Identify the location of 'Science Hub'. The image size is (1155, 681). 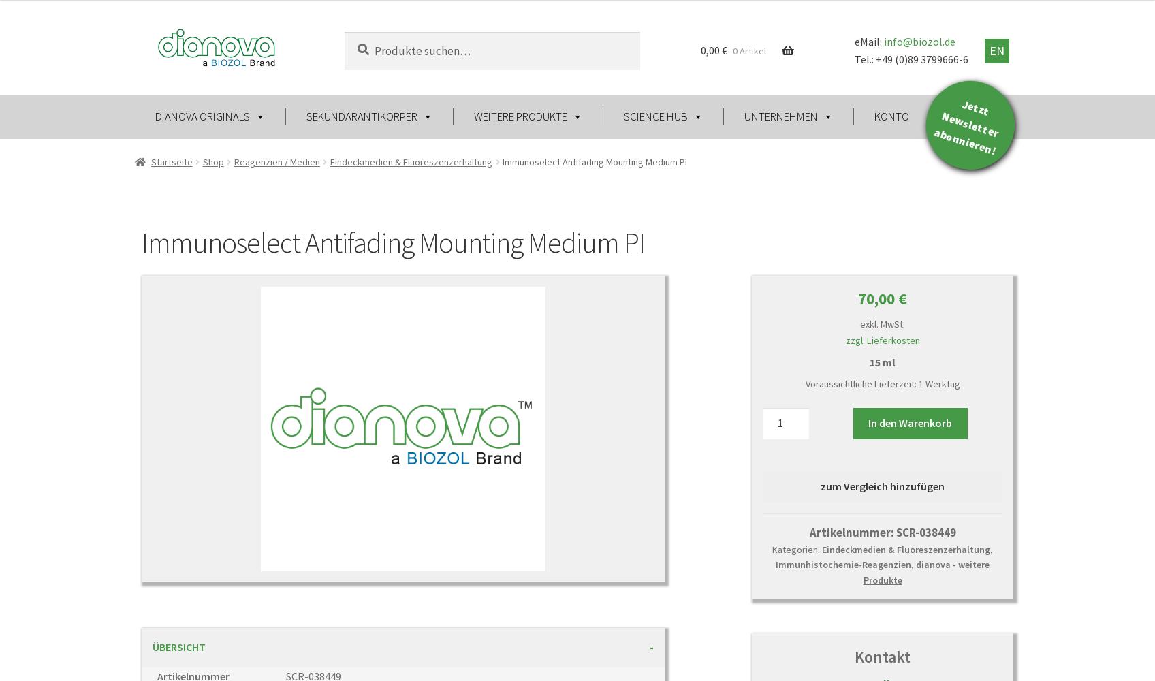
(654, 116).